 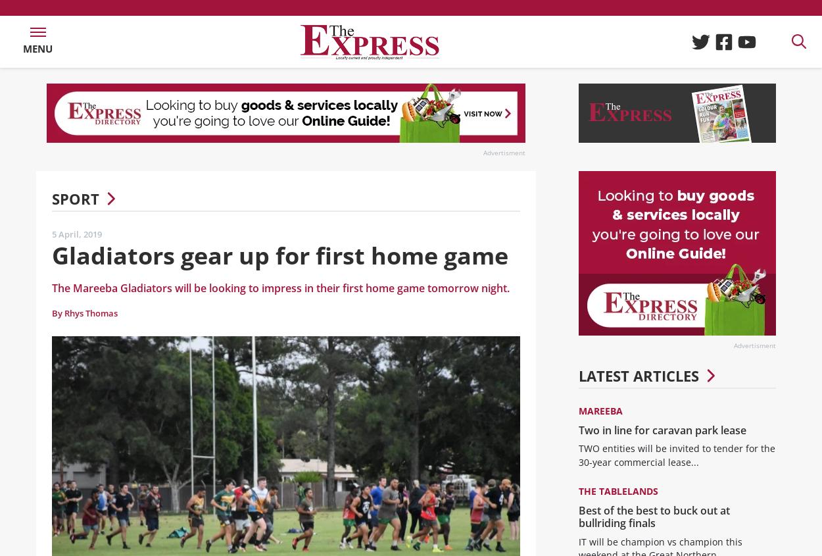 What do you see at coordinates (280, 265) in the screenshot?
I see `'Gladiators gear up for first home game'` at bounding box center [280, 265].